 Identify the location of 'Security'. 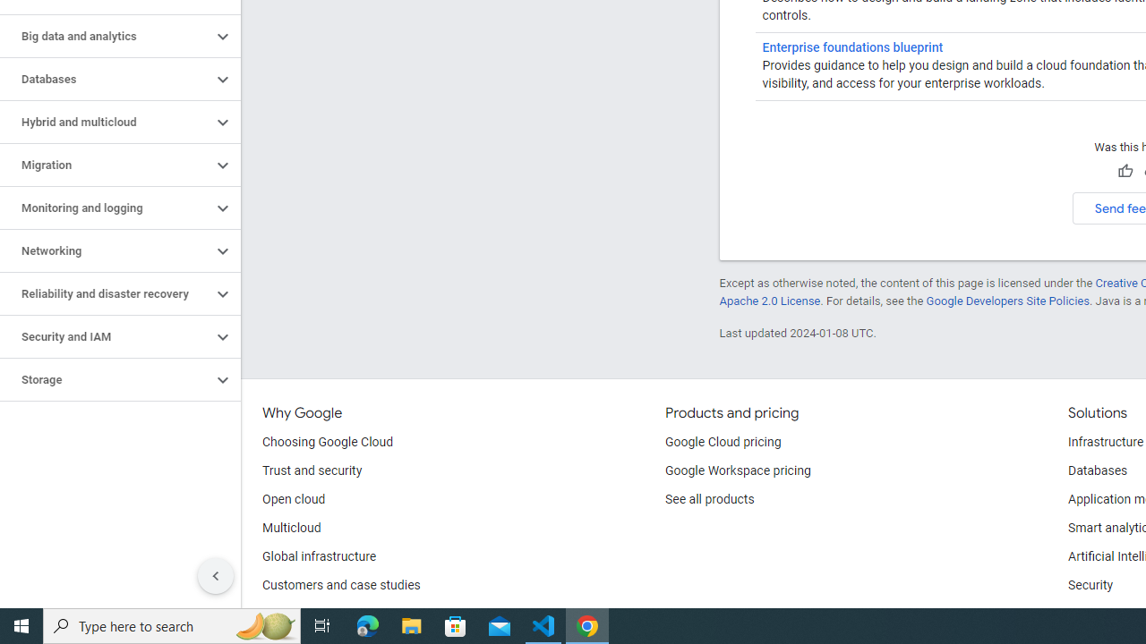
(1090, 586).